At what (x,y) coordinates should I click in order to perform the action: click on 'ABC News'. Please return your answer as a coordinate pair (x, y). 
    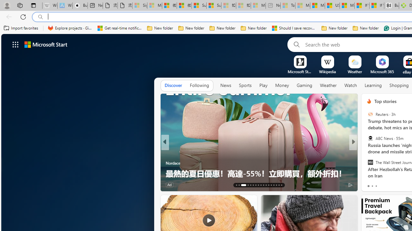
    Looking at the image, I should click on (370, 138).